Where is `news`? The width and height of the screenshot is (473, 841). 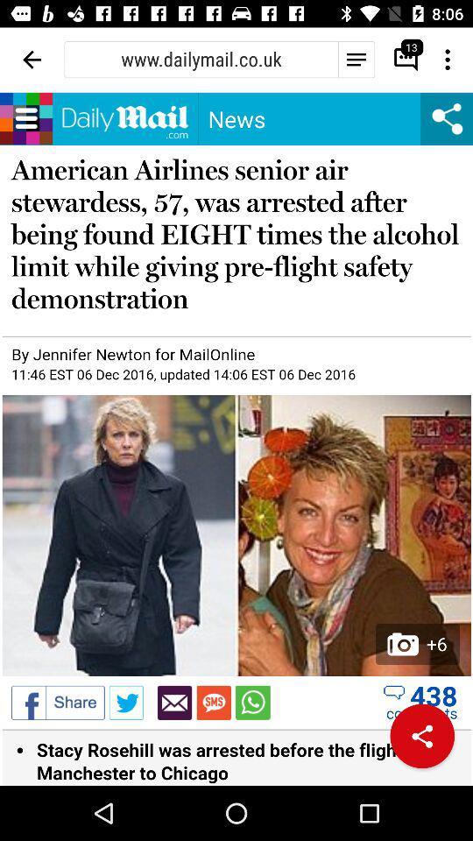 news is located at coordinates (236, 438).